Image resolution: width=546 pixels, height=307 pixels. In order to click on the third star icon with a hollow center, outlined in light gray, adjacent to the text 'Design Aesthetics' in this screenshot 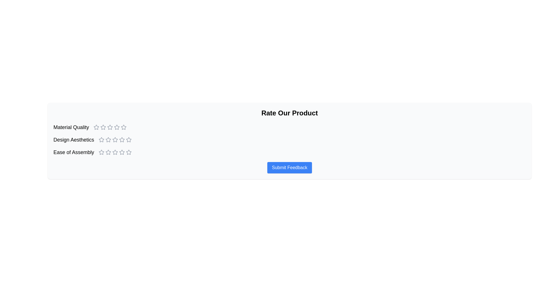, I will do `click(108, 140)`.